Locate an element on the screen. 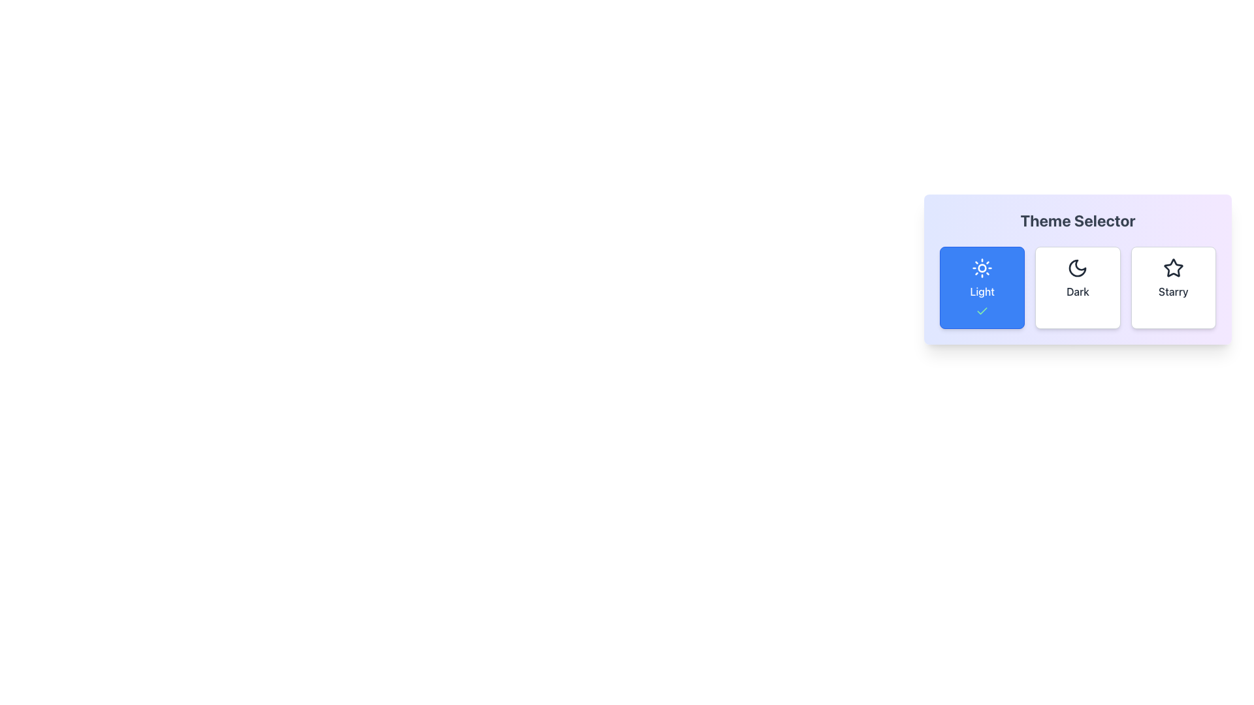 The width and height of the screenshot is (1254, 705). the starry theme icon button is located at coordinates (1173, 267).